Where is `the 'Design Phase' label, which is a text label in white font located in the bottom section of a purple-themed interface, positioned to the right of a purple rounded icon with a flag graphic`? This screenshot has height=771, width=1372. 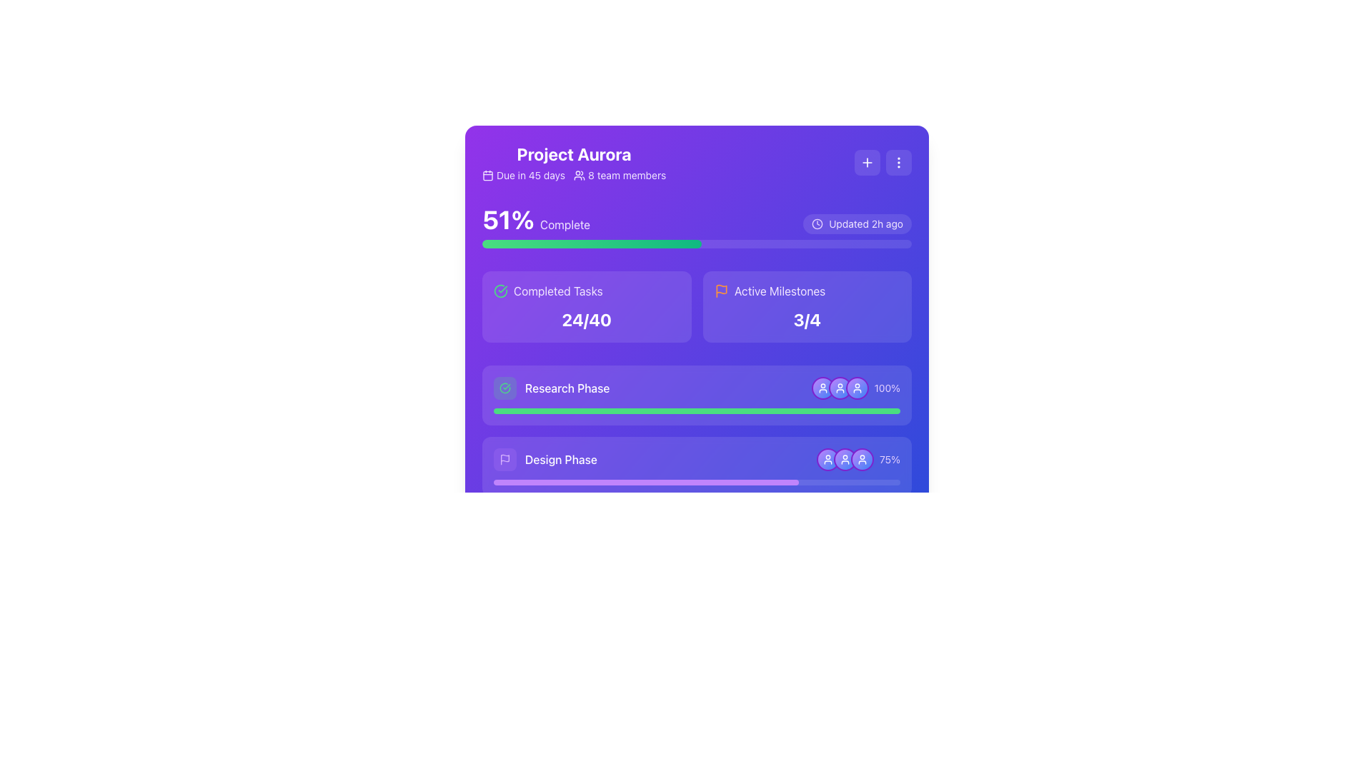
the 'Design Phase' label, which is a text label in white font located in the bottom section of a purple-themed interface, positioned to the right of a purple rounded icon with a flag graphic is located at coordinates (560, 460).